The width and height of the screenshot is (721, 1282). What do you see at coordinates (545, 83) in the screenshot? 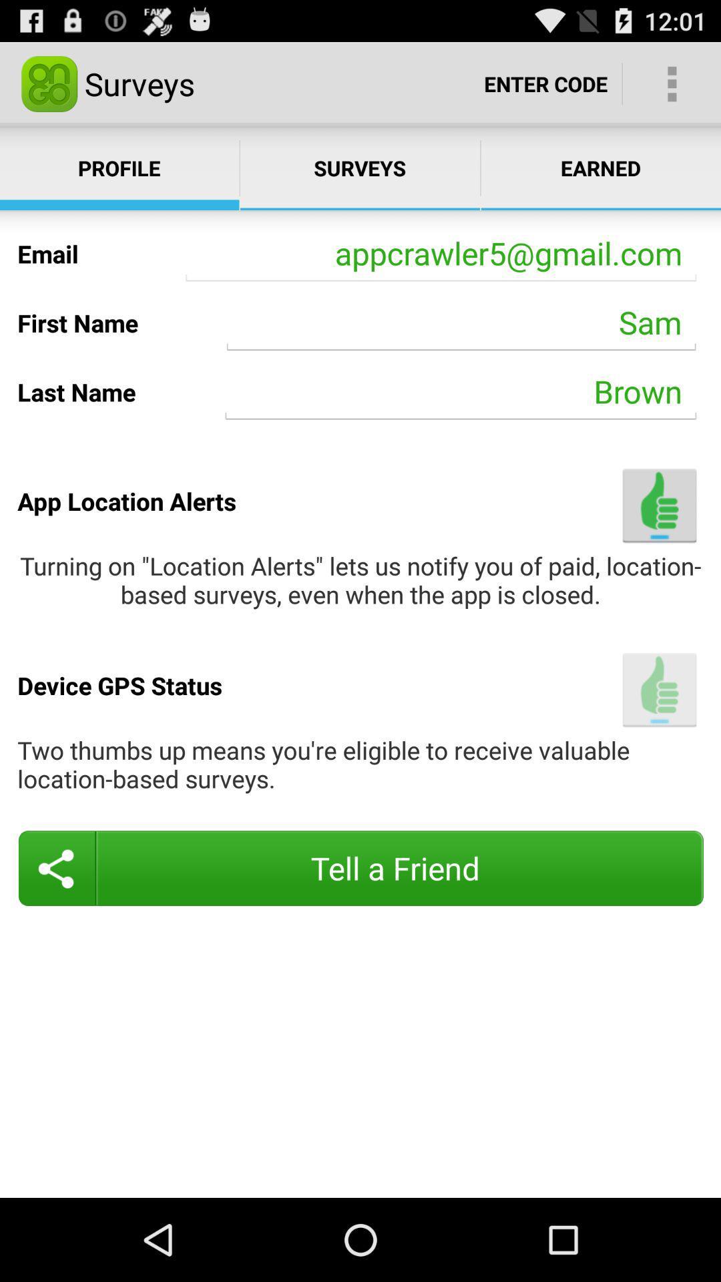
I see `the text enter code` at bounding box center [545, 83].